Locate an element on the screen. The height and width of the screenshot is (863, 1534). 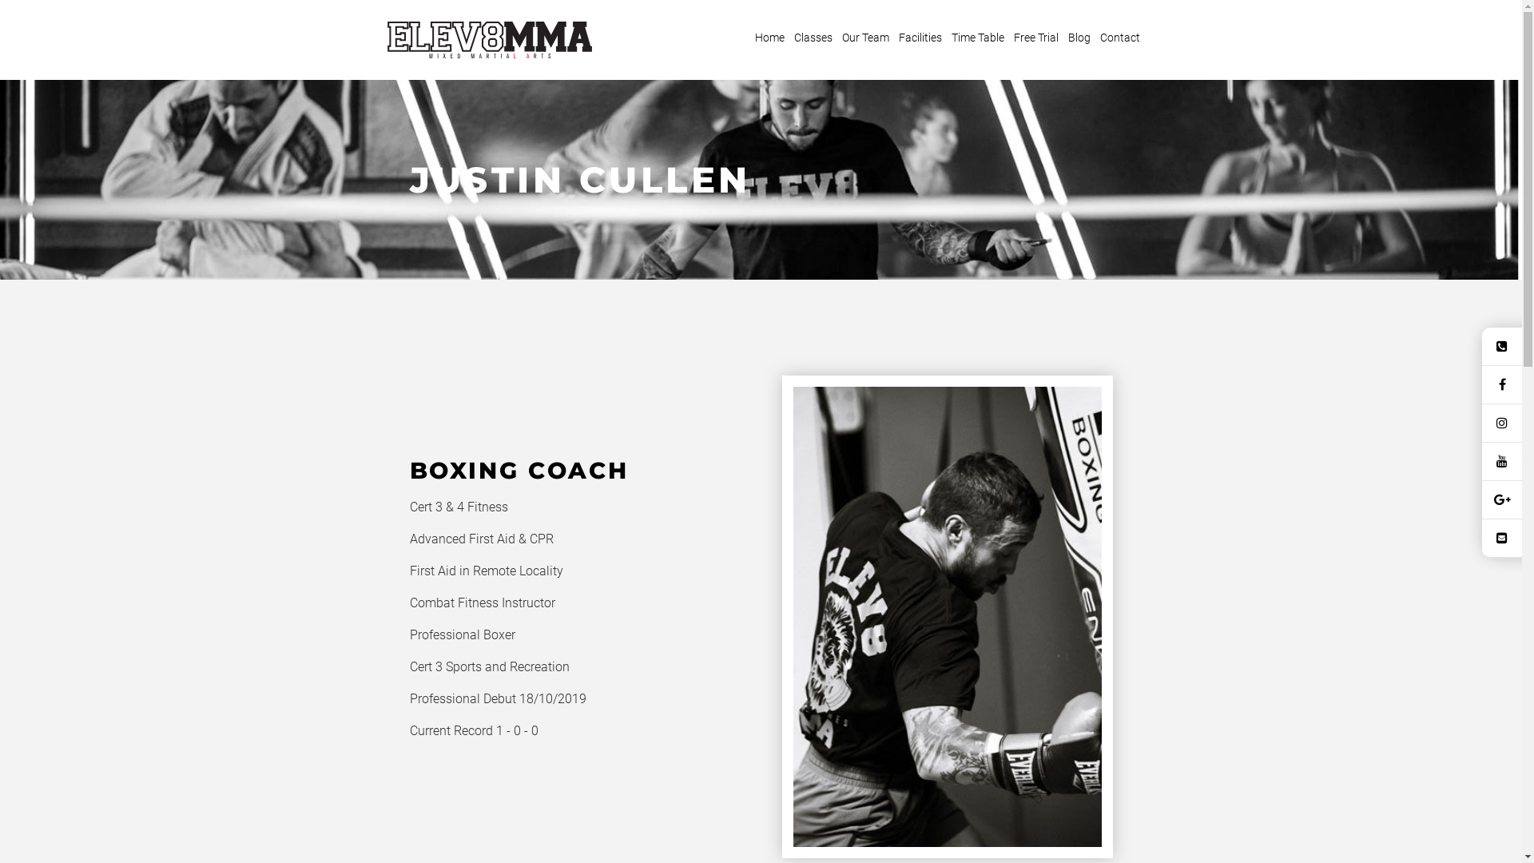
'Facilities' is located at coordinates (893, 37).